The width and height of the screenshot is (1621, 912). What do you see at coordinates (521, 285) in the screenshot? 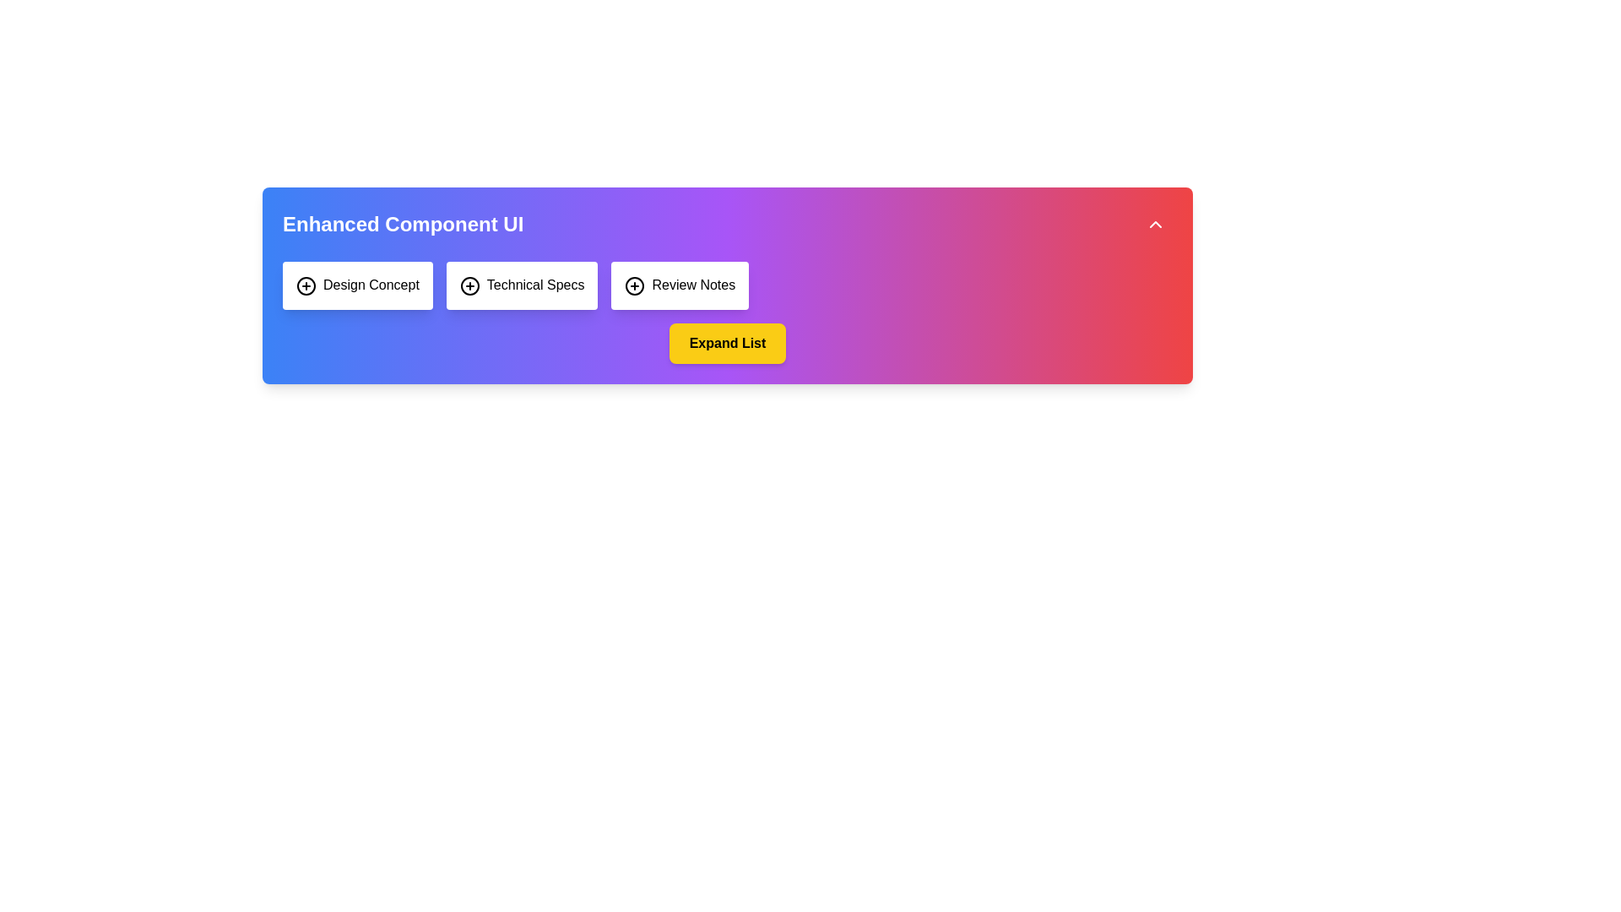
I see `the 'Technical Specs' tab, the second rectangular tab in a horizontal layout` at bounding box center [521, 285].